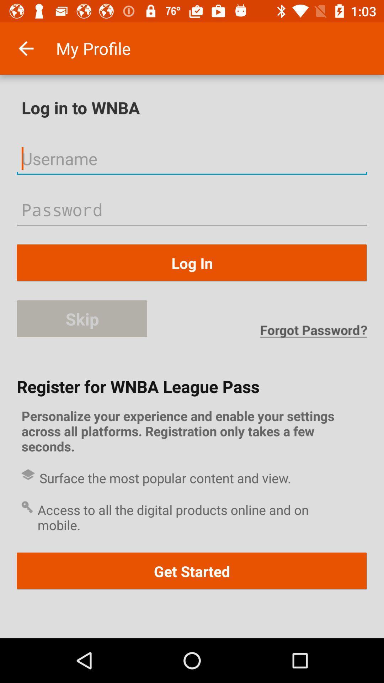 The image size is (384, 683). I want to click on icon next to my profile, so click(26, 48).